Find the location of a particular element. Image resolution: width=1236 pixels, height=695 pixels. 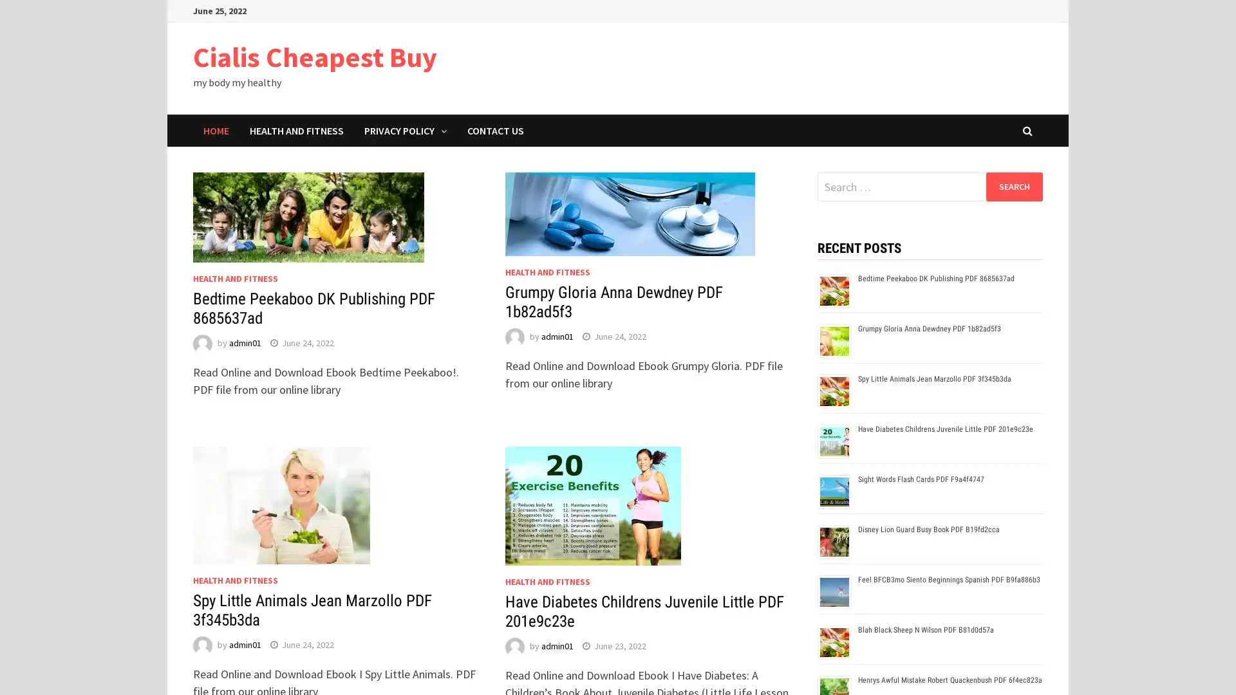

Search is located at coordinates (1013, 186).